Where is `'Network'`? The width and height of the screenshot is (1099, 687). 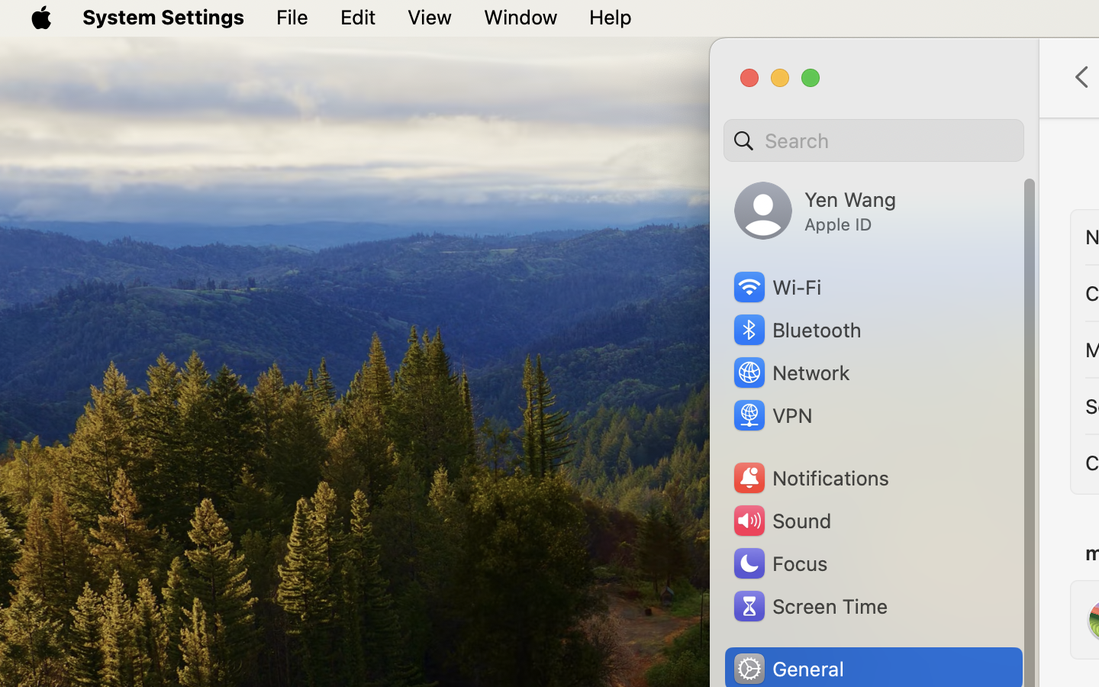 'Network' is located at coordinates (790, 371).